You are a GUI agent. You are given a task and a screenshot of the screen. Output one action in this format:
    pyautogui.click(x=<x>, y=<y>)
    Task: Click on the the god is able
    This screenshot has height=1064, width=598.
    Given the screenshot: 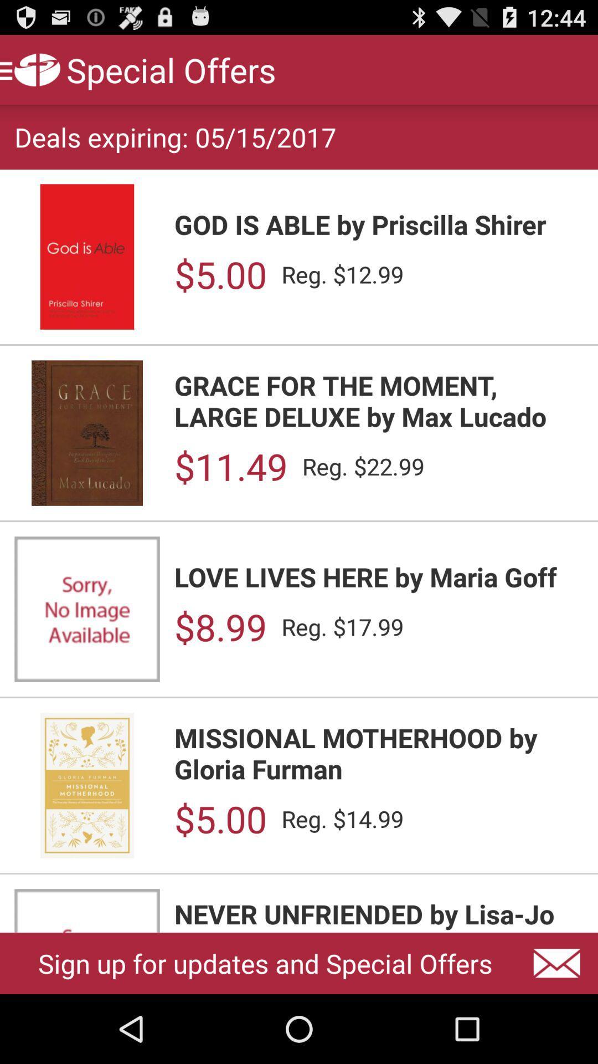 What is the action you would take?
    pyautogui.click(x=378, y=223)
    